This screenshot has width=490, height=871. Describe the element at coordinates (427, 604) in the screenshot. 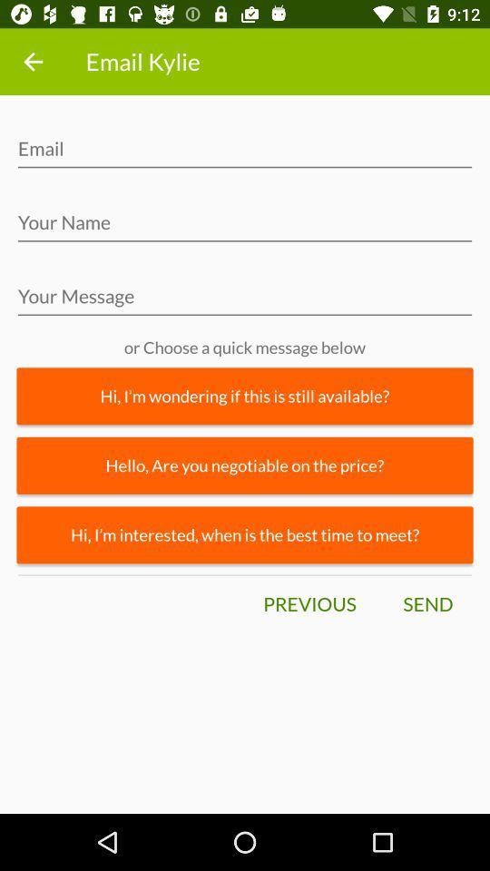

I see `the icon to the right of the previous icon` at that location.